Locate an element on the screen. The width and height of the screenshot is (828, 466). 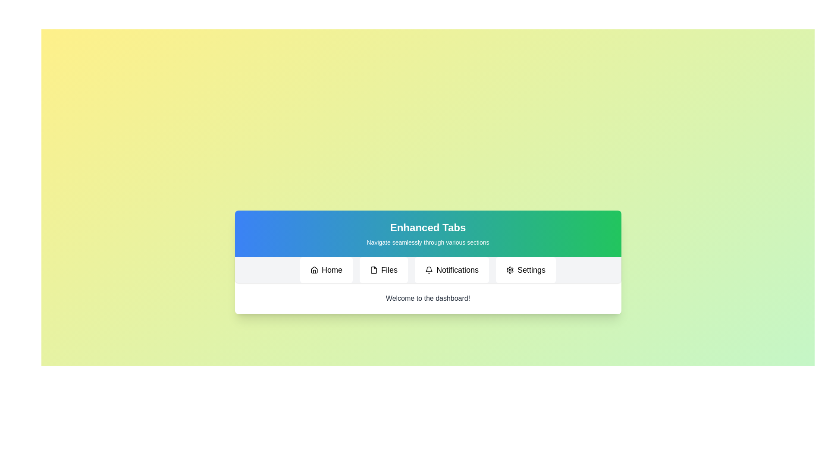
the 'Files' tab icon located on the left side of the 'Files' tab's label is located at coordinates (373, 269).